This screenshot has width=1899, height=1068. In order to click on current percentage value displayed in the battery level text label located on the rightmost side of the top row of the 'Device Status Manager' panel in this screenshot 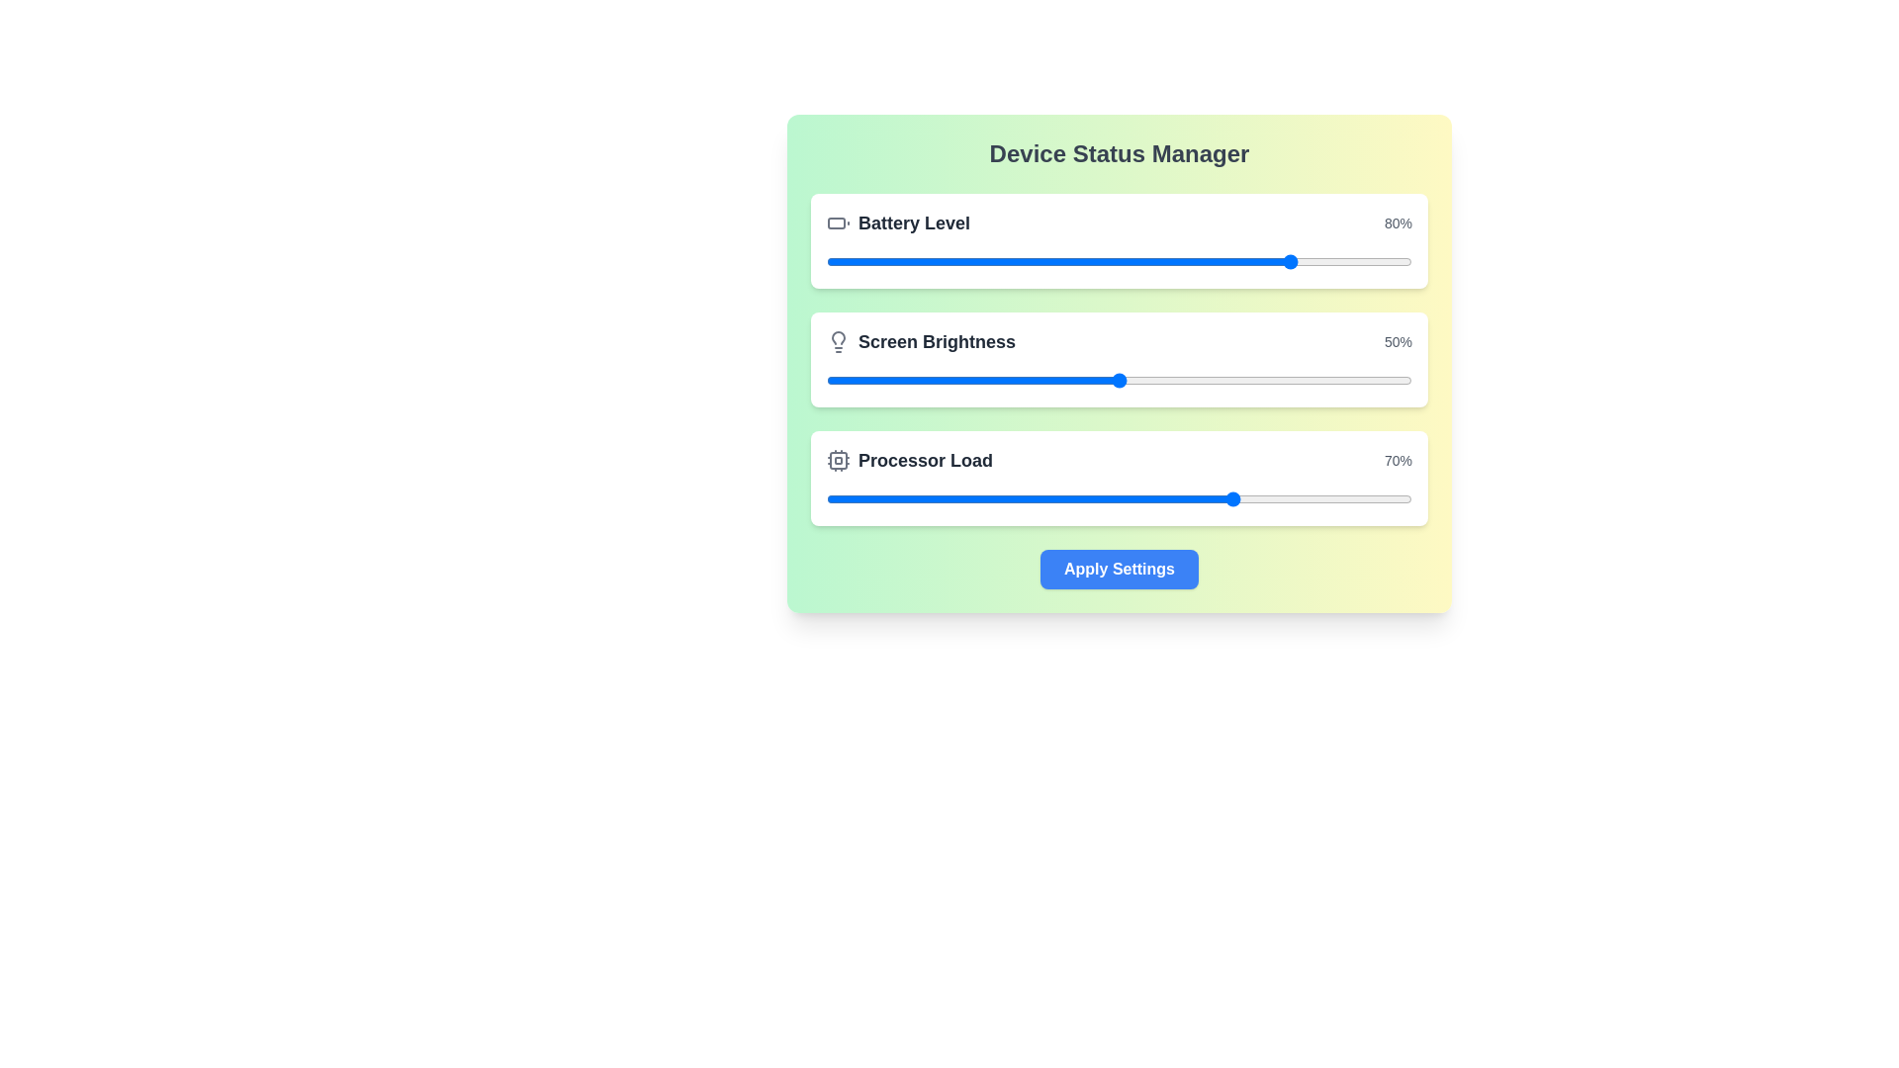, I will do `click(1397, 222)`.